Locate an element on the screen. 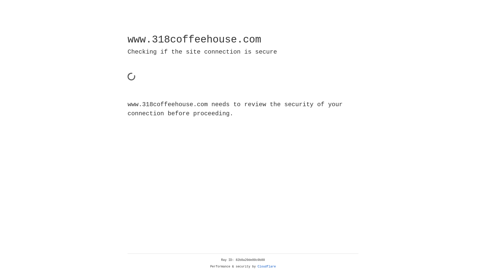 The width and height of the screenshot is (486, 273). 'Cloudflare' is located at coordinates (267, 266).